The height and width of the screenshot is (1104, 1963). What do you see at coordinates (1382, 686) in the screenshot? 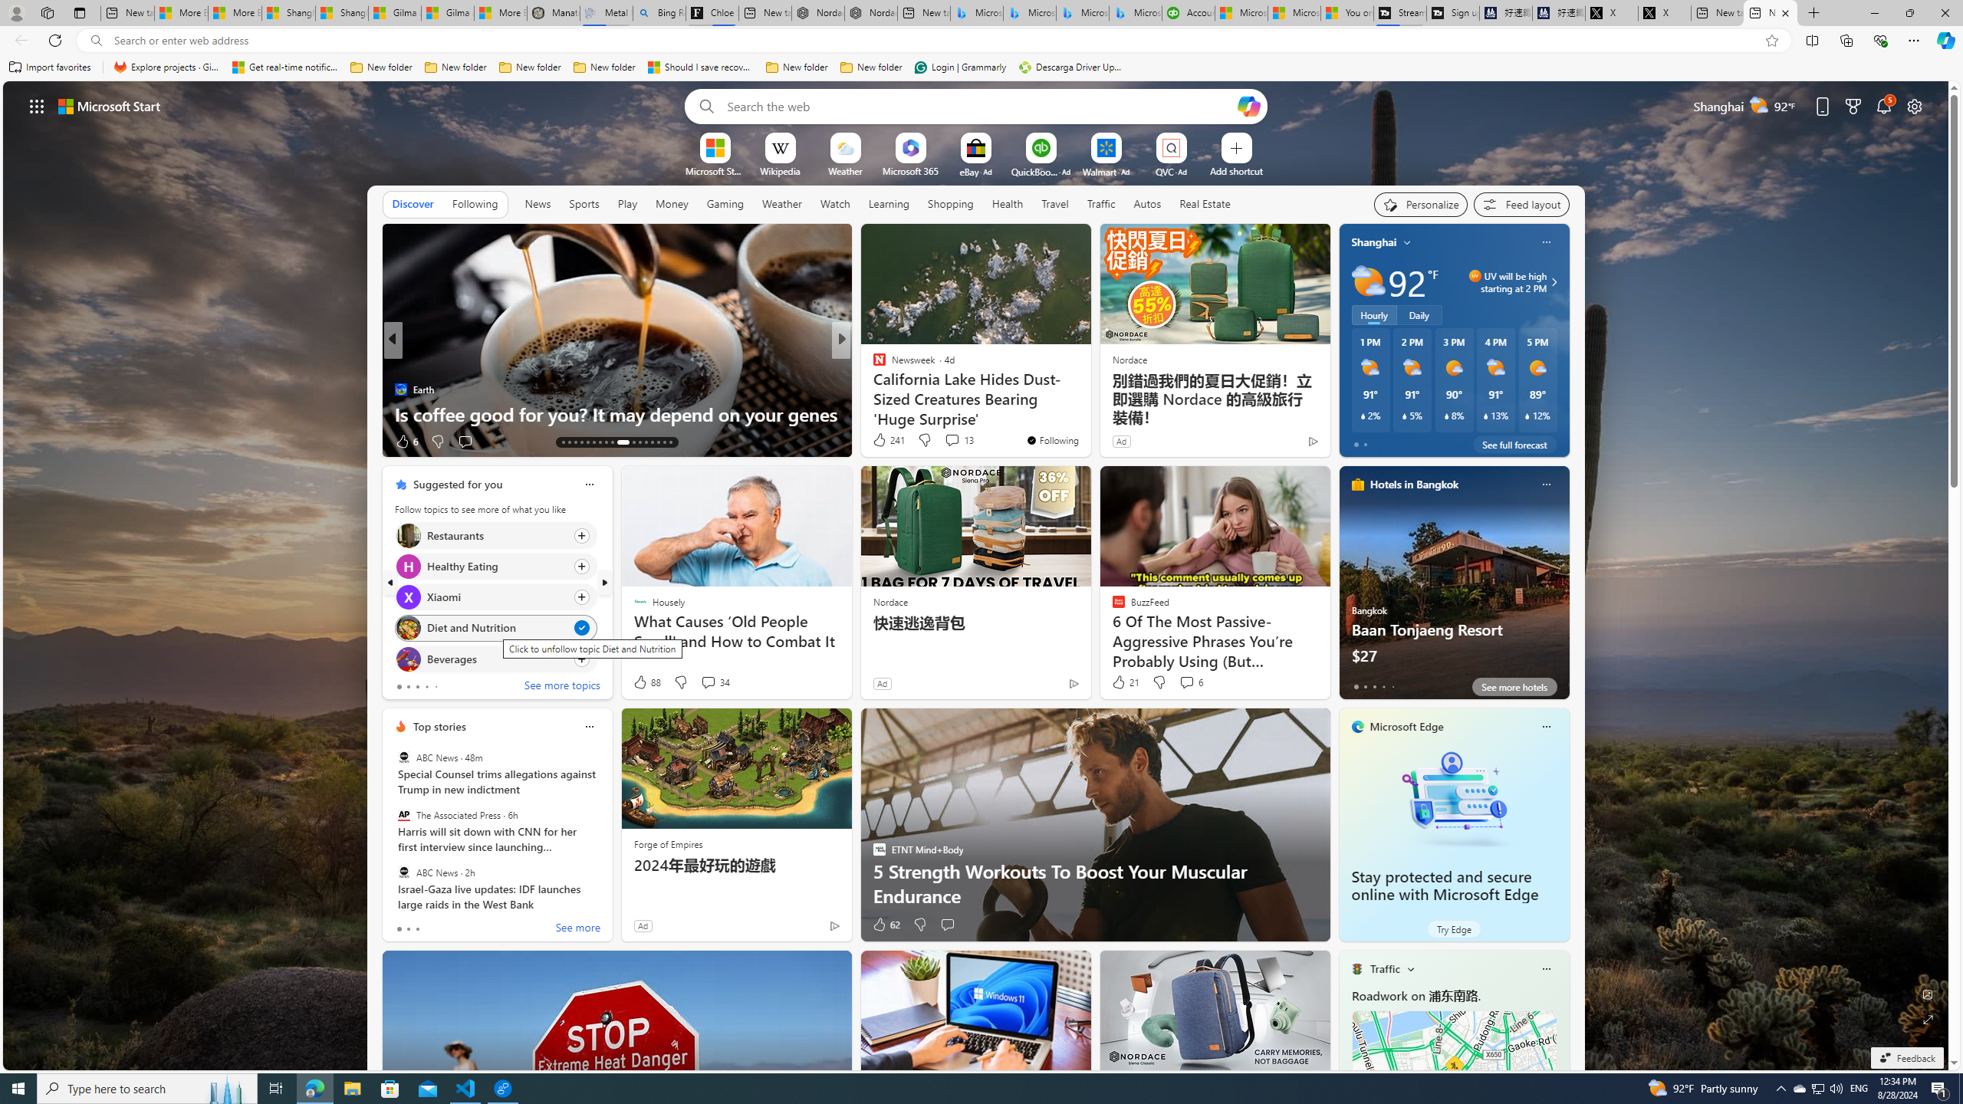
I see `'tab-3'` at bounding box center [1382, 686].